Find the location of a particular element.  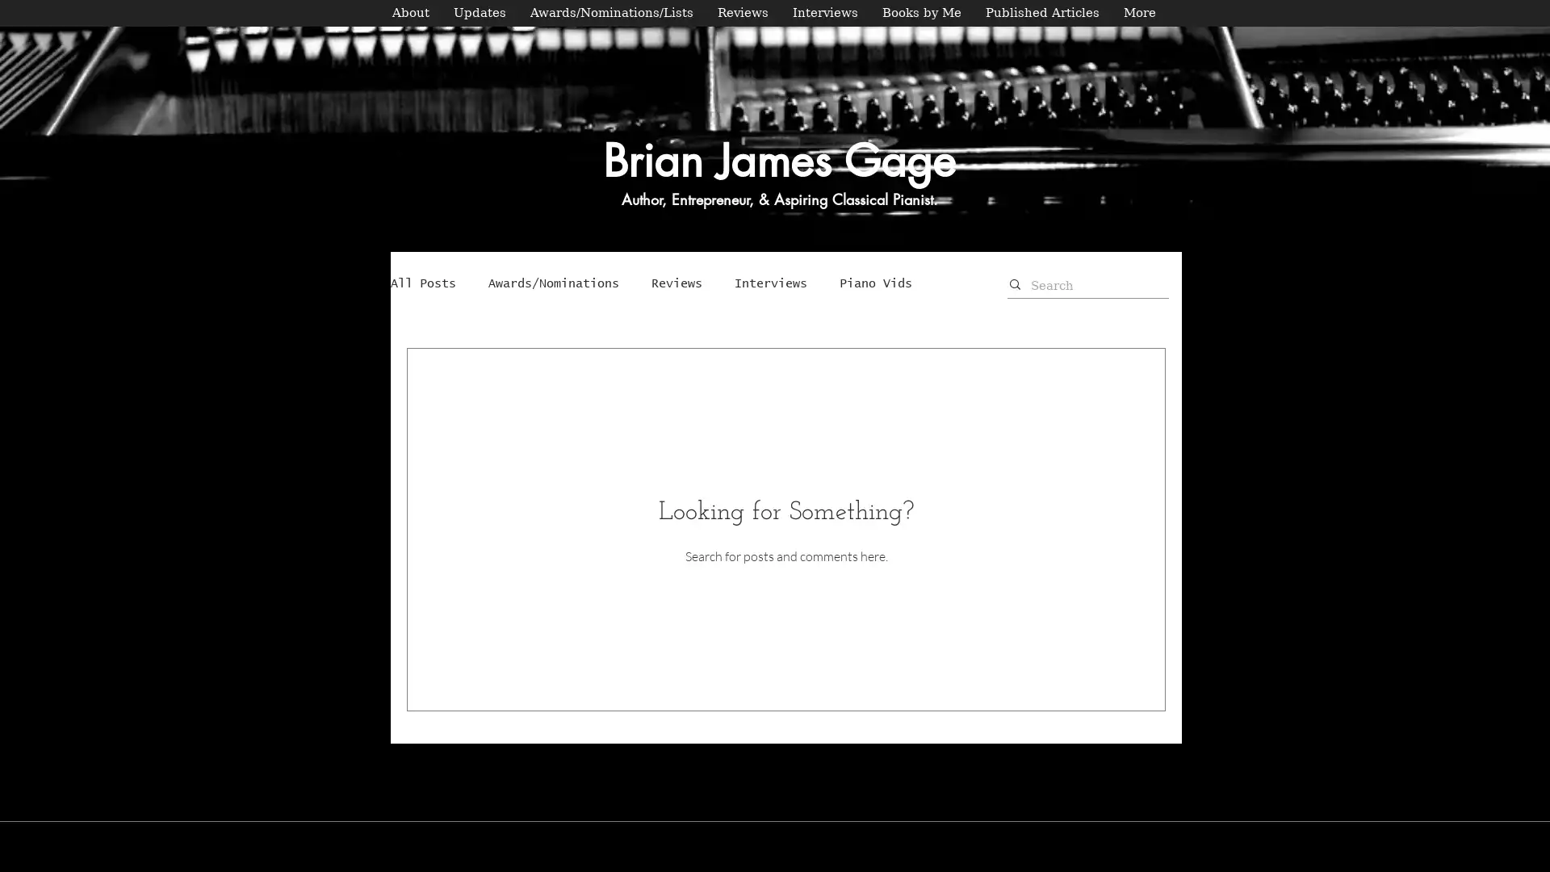

All Posts is located at coordinates (423, 283).